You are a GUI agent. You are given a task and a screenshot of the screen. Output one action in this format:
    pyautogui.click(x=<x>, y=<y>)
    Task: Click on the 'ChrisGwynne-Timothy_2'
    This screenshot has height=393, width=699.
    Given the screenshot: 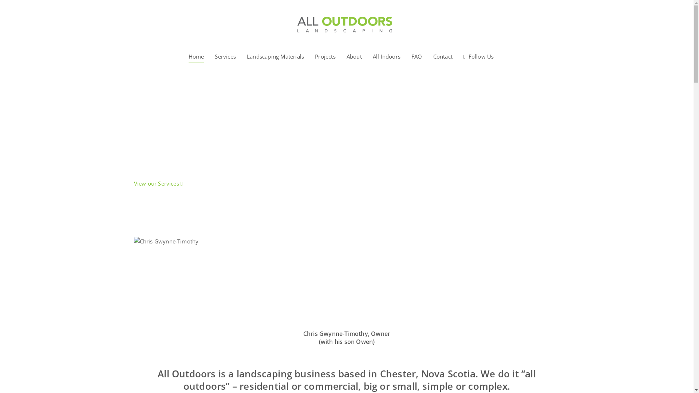 What is the action you would take?
    pyautogui.click(x=177, y=279)
    